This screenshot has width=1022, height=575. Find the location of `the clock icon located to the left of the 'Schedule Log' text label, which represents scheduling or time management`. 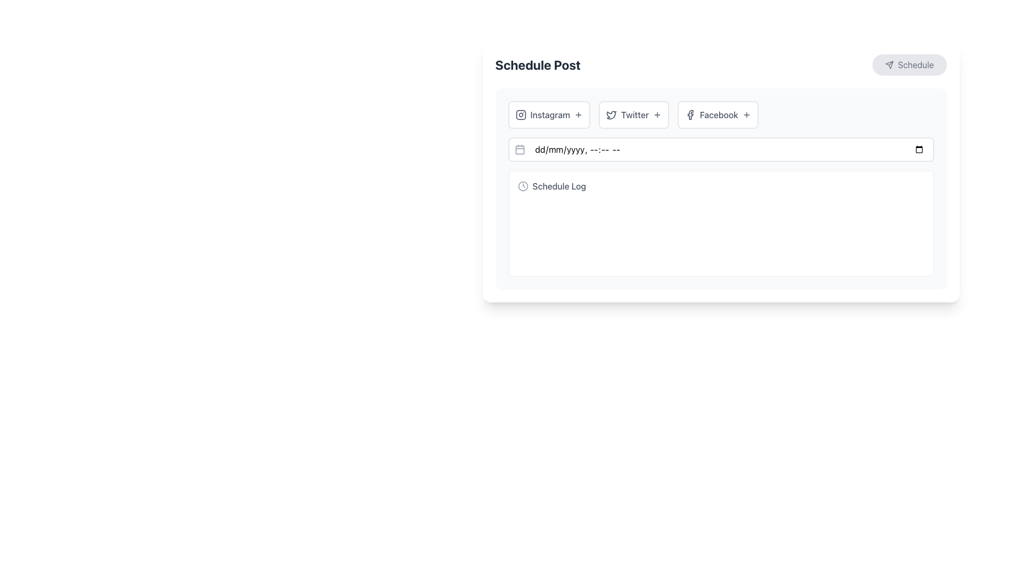

the clock icon located to the left of the 'Schedule Log' text label, which represents scheduling or time management is located at coordinates (523, 186).